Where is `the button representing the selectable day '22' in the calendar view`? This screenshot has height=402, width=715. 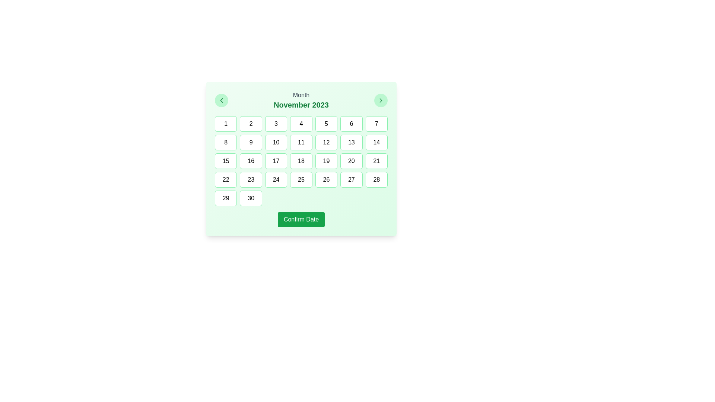
the button representing the selectable day '22' in the calendar view is located at coordinates (225, 179).